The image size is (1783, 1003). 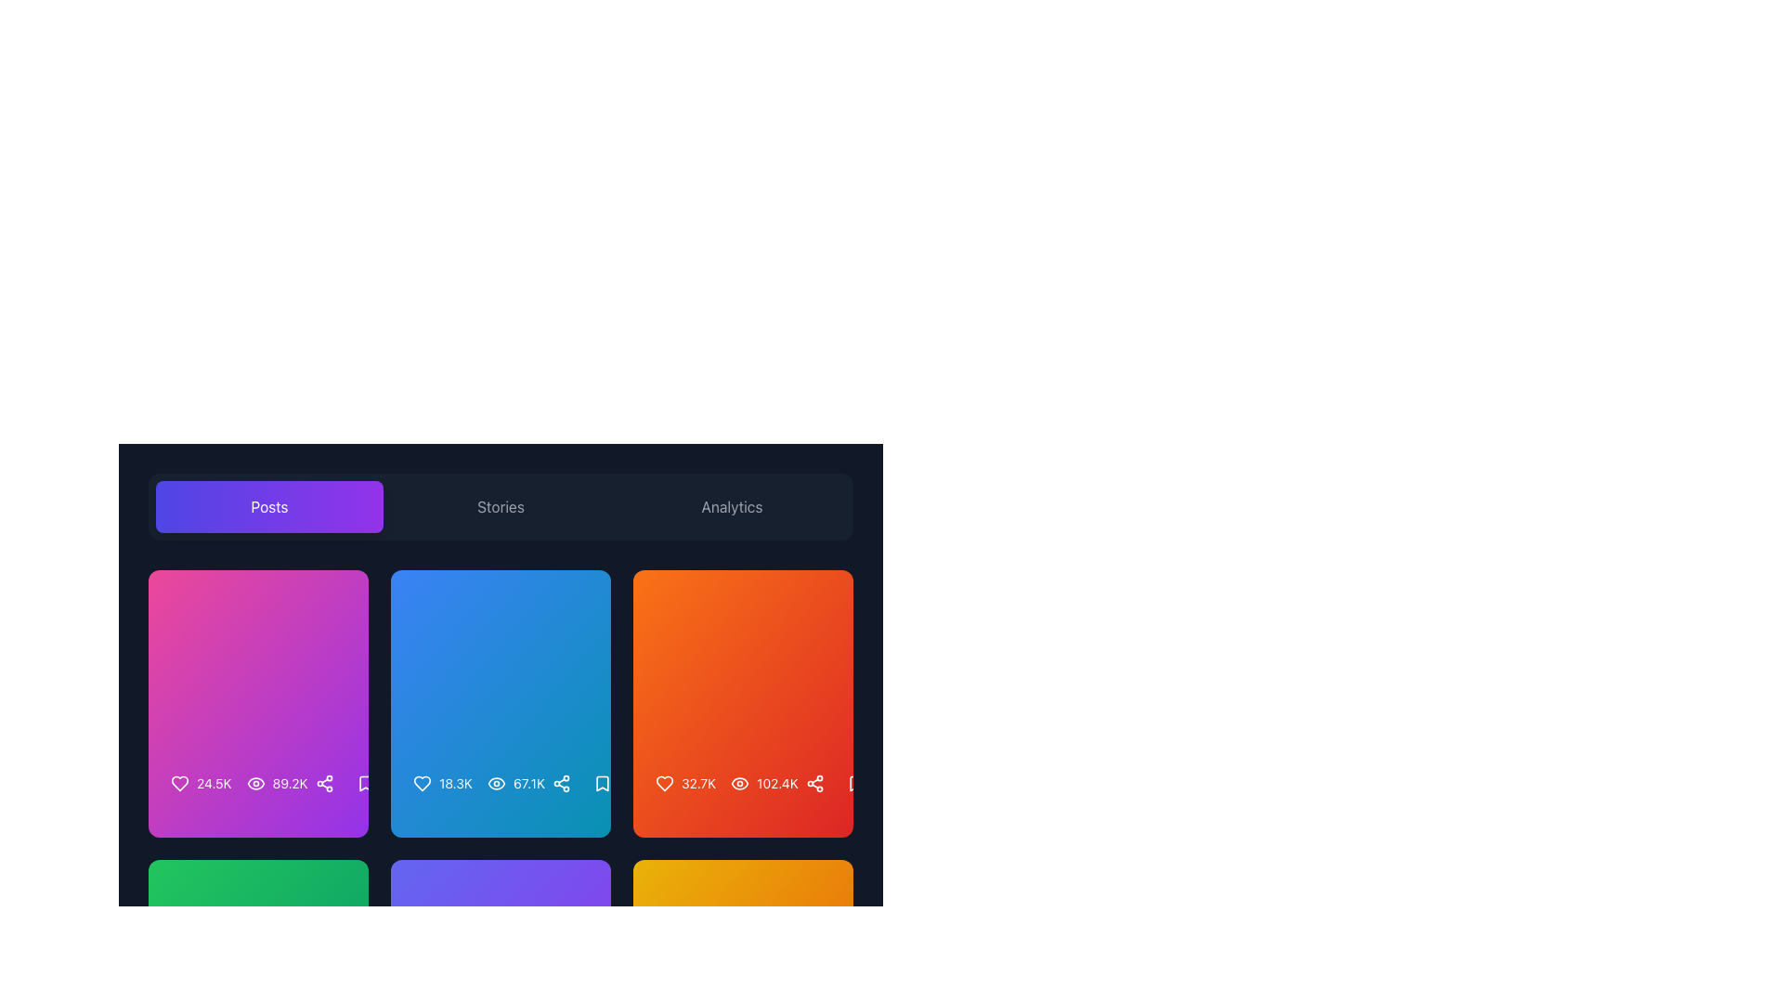 I want to click on the middle button in the header section, so click(x=501, y=507).